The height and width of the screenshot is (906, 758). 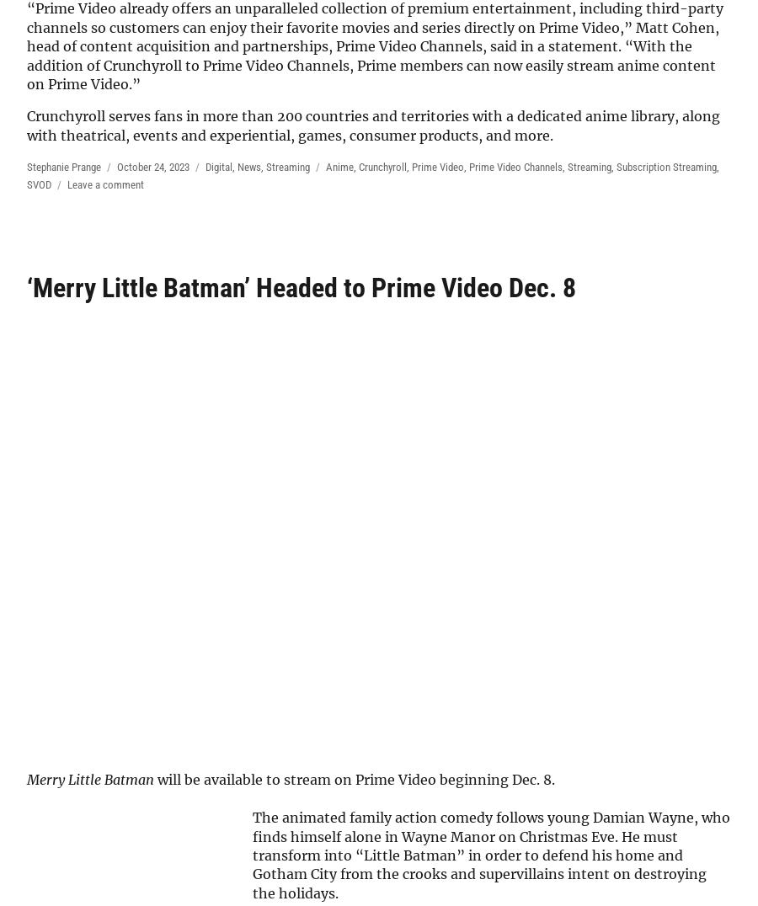 I want to click on 'Leave a comment', so click(x=105, y=184).